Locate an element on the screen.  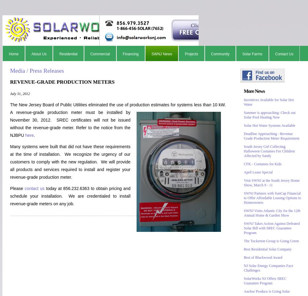
'CFK - Costumes for Kids' is located at coordinates (262, 164).